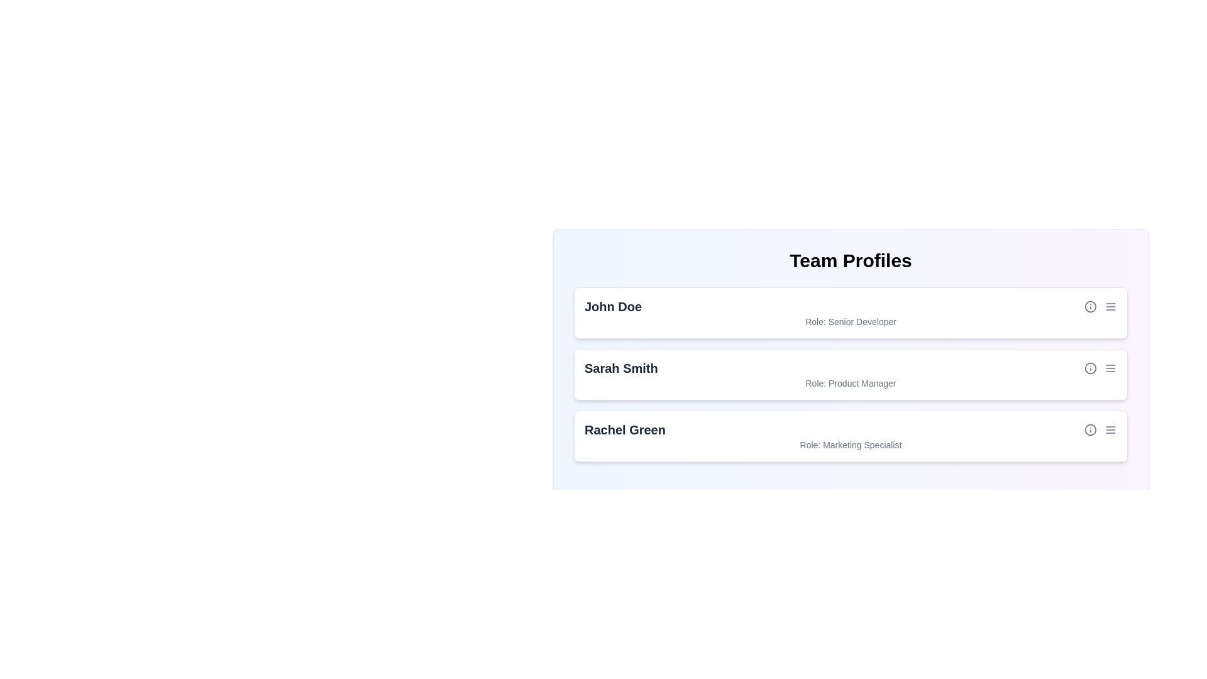 This screenshot has width=1207, height=679. What do you see at coordinates (851, 444) in the screenshot?
I see `the text label that contains 'Role: Marketing Specialist', which is styled with a small font size and gray color, located at the bottom of the card for 'Rachel Green'` at bounding box center [851, 444].